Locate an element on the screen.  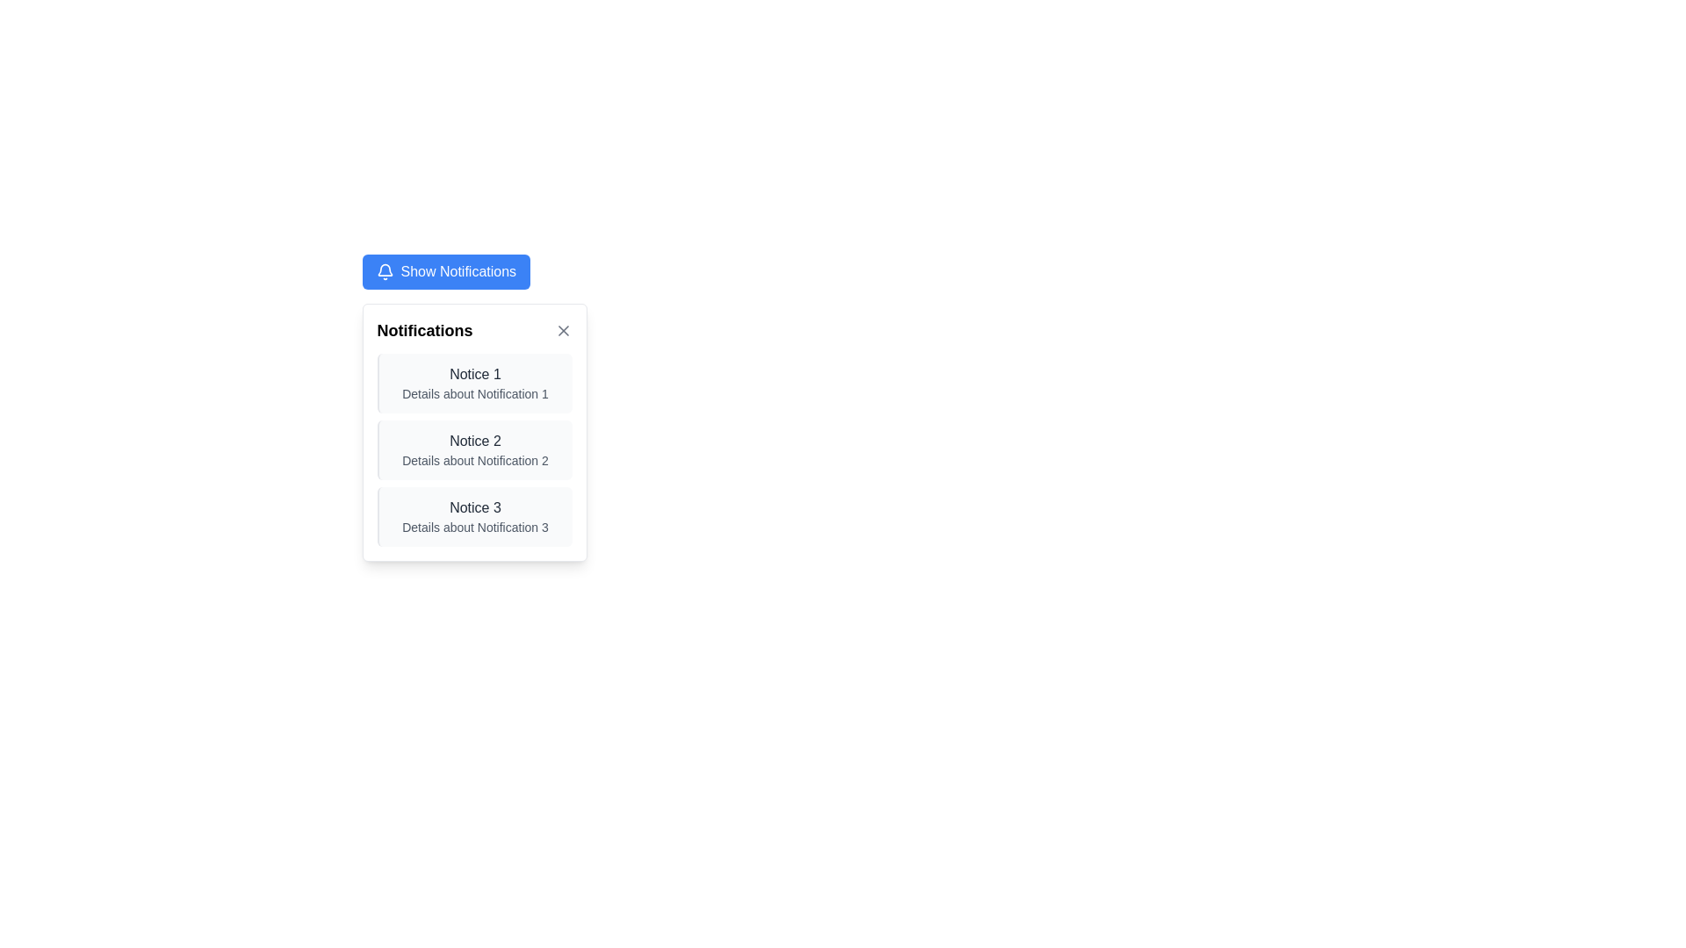
the bell icon within the 'Show Notifications' button, which is styled with a minimalistic outline and indicates notifications is located at coordinates (384, 271).